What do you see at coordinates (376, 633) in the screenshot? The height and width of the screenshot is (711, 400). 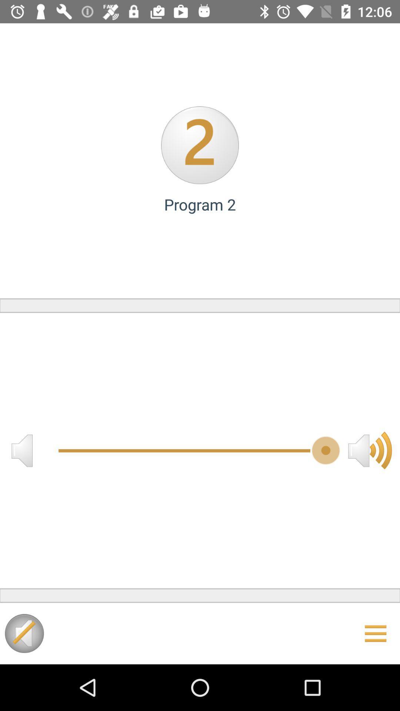 I see `the menu icon` at bounding box center [376, 633].